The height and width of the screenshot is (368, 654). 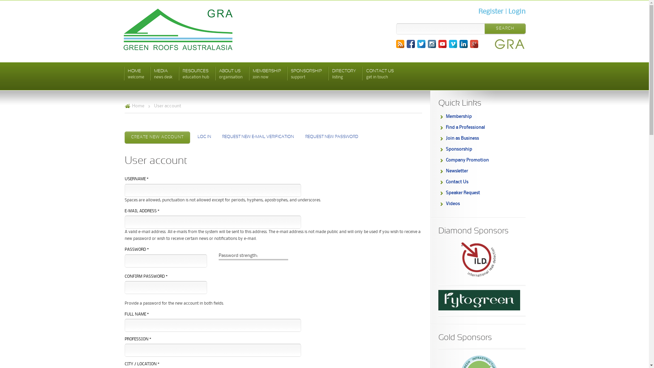 I want to click on 'Login', so click(x=516, y=12).